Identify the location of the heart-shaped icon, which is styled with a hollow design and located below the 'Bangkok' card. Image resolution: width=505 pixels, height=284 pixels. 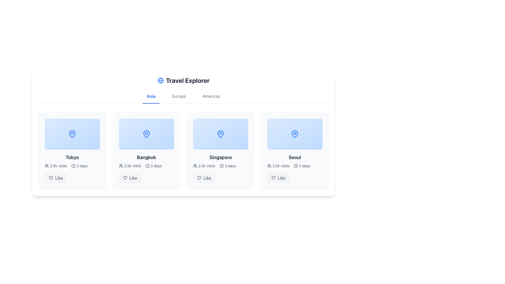
(125, 178).